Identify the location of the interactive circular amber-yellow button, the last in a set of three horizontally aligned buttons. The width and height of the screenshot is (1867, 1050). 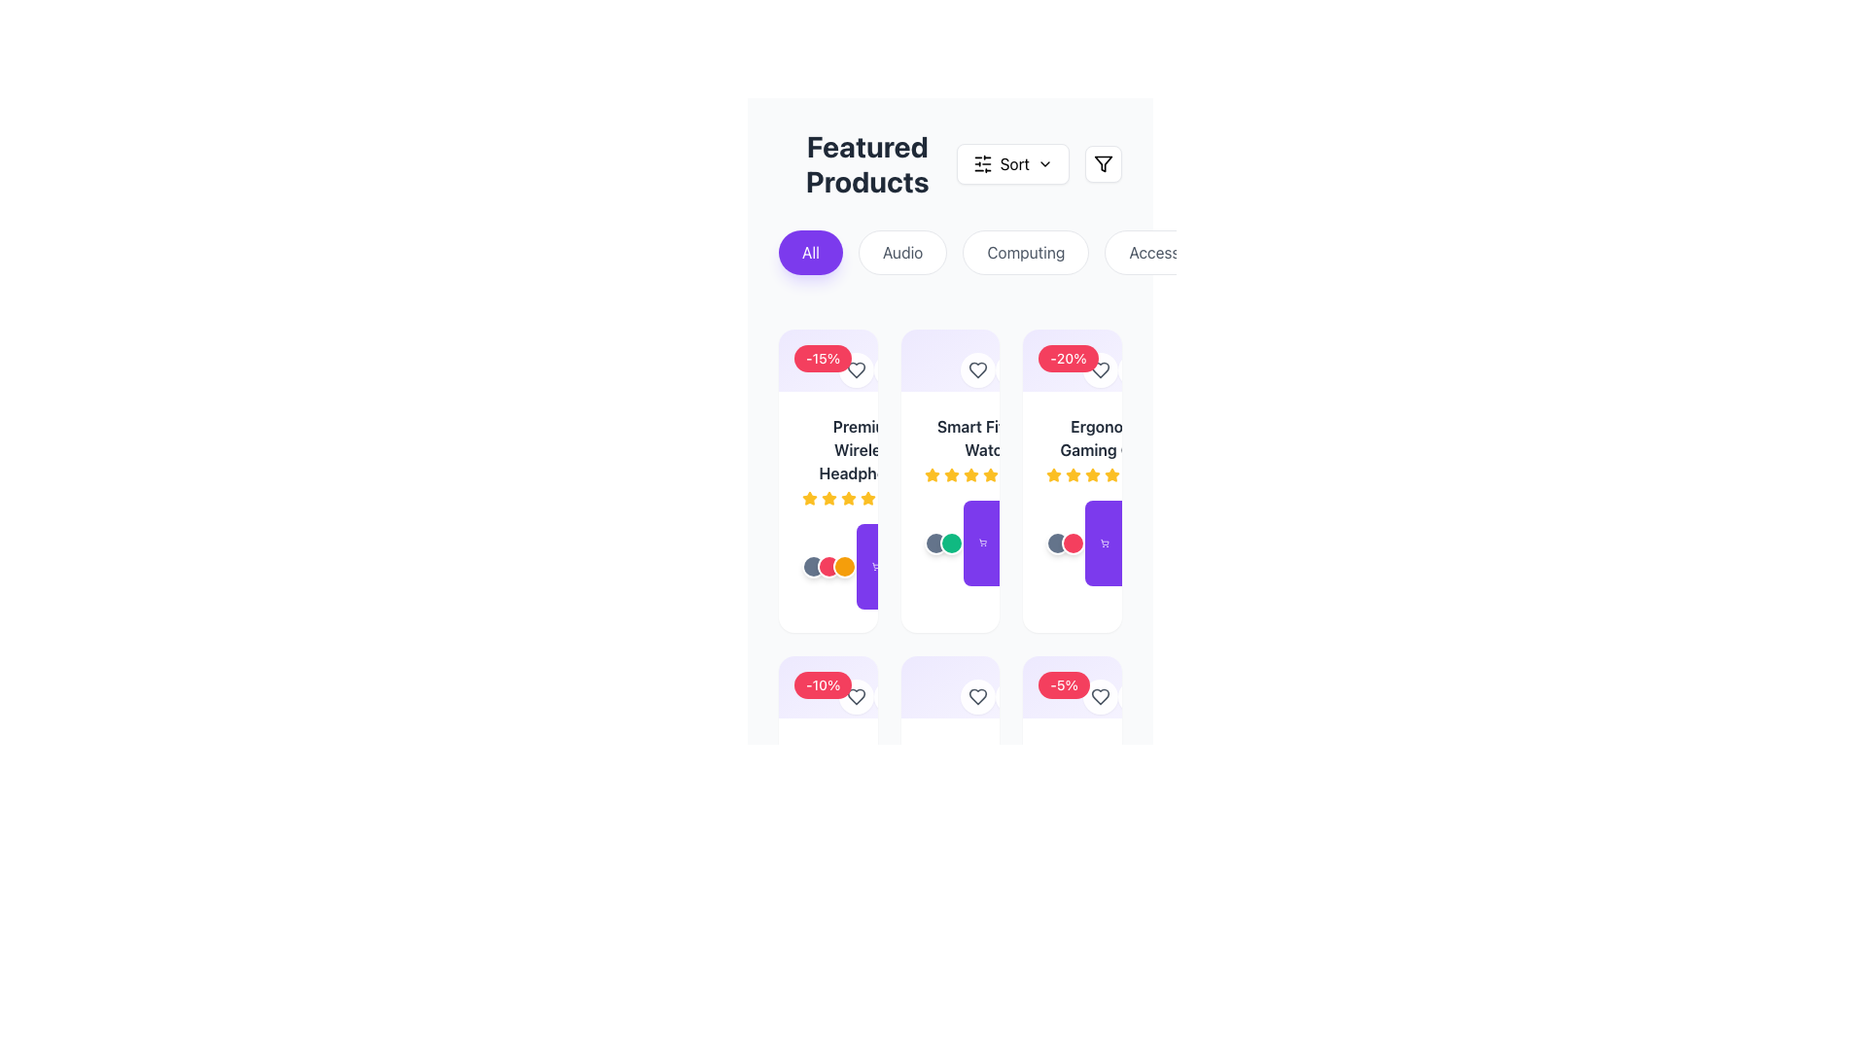
(844, 566).